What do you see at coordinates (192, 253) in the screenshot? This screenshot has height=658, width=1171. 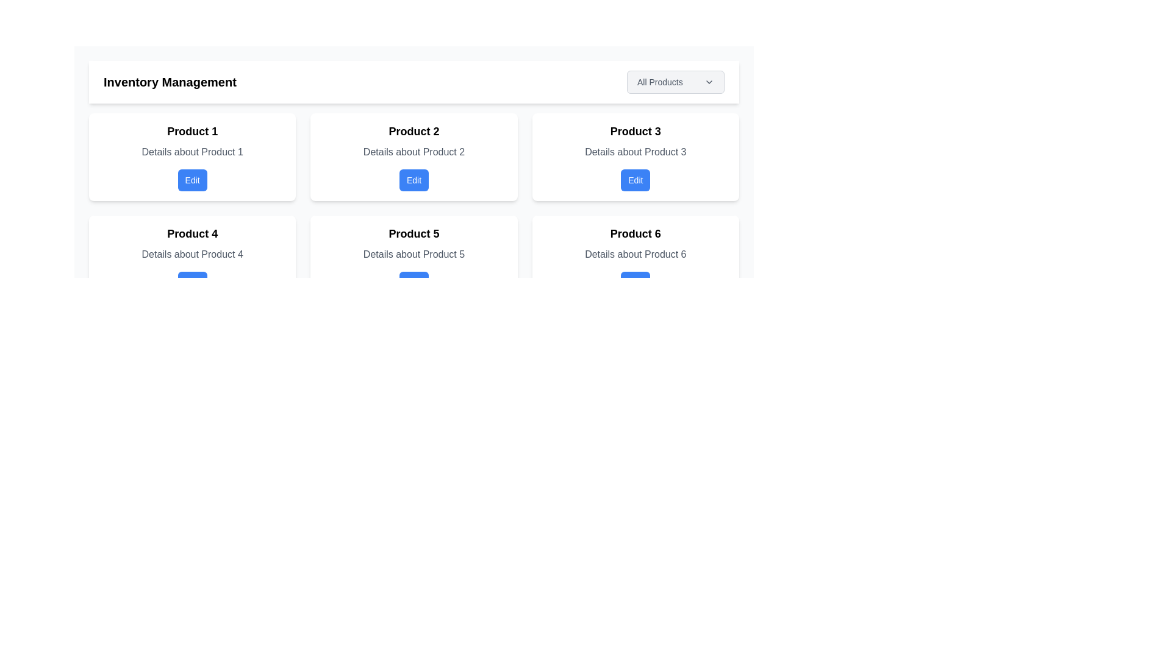 I see `the informational text element displaying 'Details about Product 4' which is styled in gray and located below the 'Product 4' heading` at bounding box center [192, 253].